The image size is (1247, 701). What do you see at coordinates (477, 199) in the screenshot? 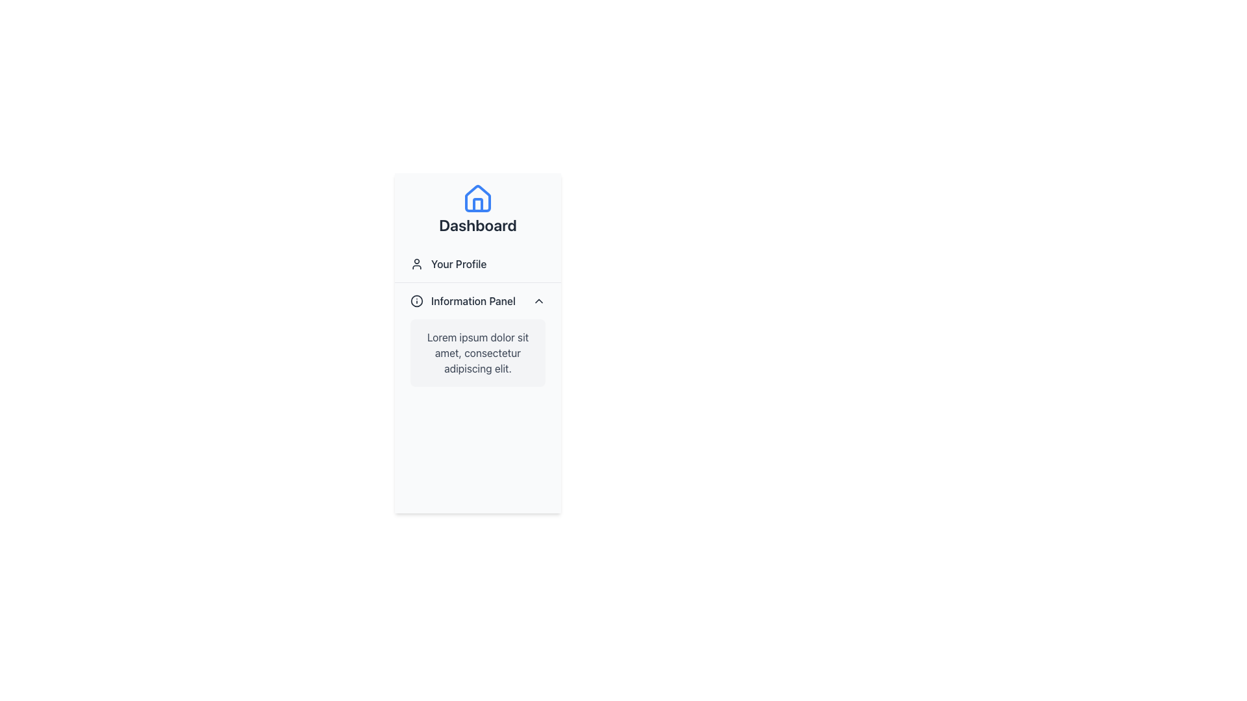
I see `the house-shaped icon with a blue outline located above the 'Dashboard' text` at bounding box center [477, 199].